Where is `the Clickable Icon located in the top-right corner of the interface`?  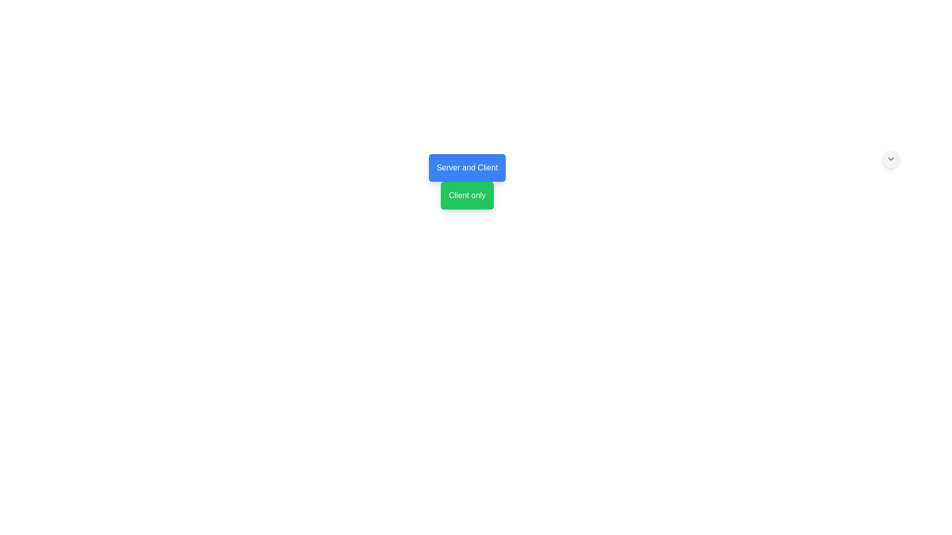
the Clickable Icon located in the top-right corner of the interface is located at coordinates (891, 158).